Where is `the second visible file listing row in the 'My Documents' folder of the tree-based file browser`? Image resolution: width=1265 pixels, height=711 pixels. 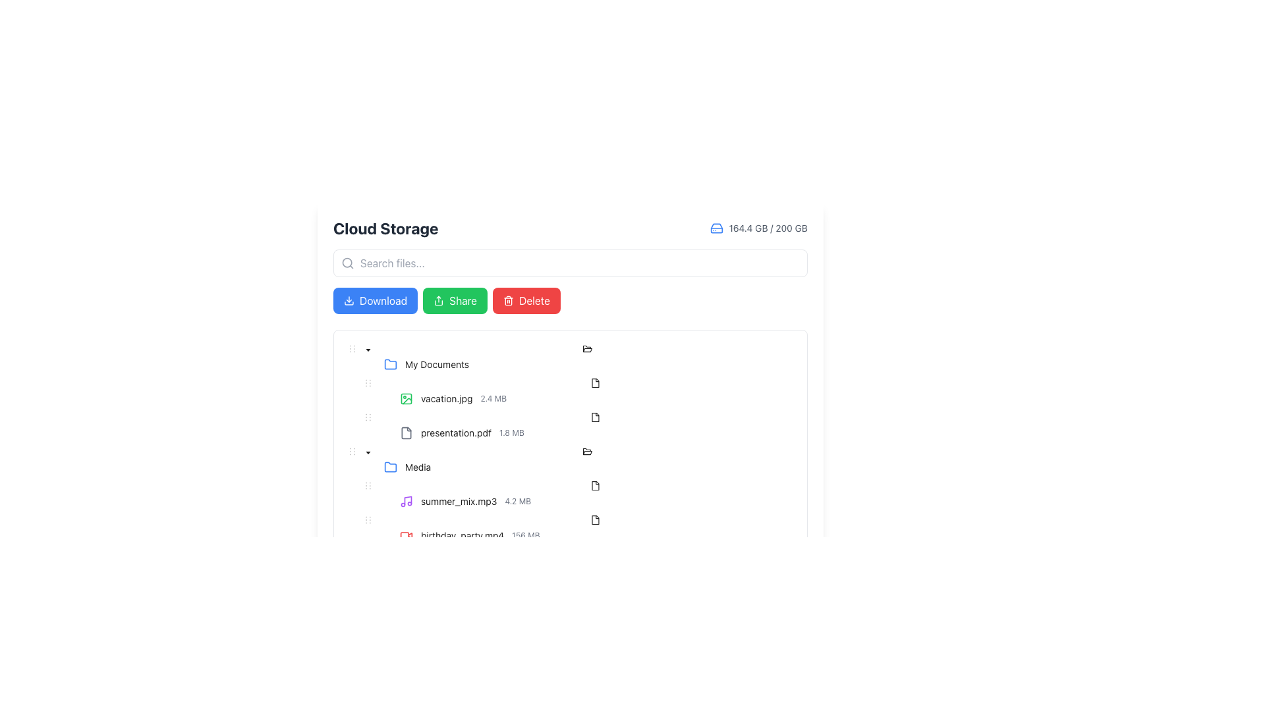
the second visible file listing row in the 'My Documents' folder of the tree-based file browser is located at coordinates (594, 433).